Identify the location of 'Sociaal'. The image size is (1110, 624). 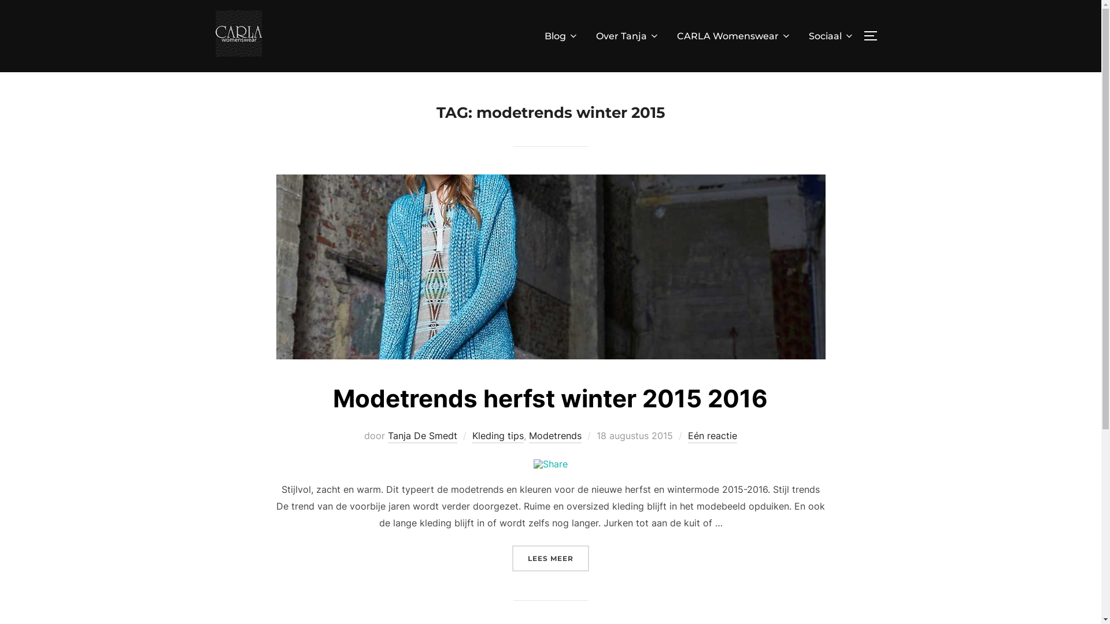
(830, 35).